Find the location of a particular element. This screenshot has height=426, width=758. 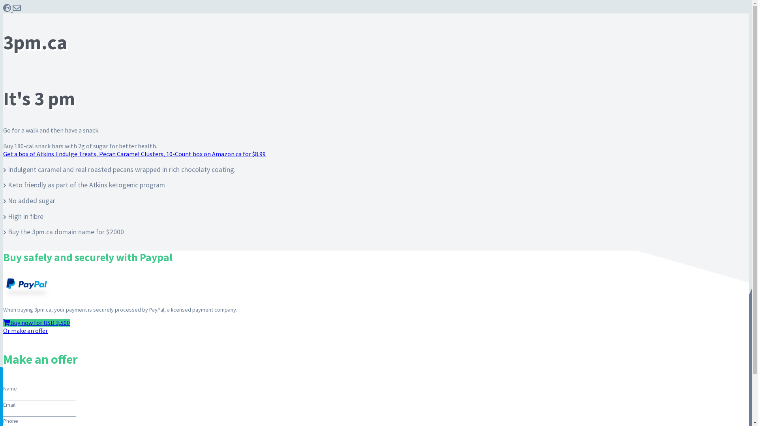

'Buy now for USD 3,500' is located at coordinates (36, 322).